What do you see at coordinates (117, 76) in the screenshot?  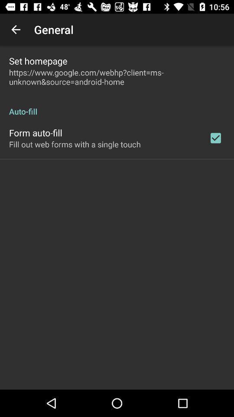 I see `https www google` at bounding box center [117, 76].